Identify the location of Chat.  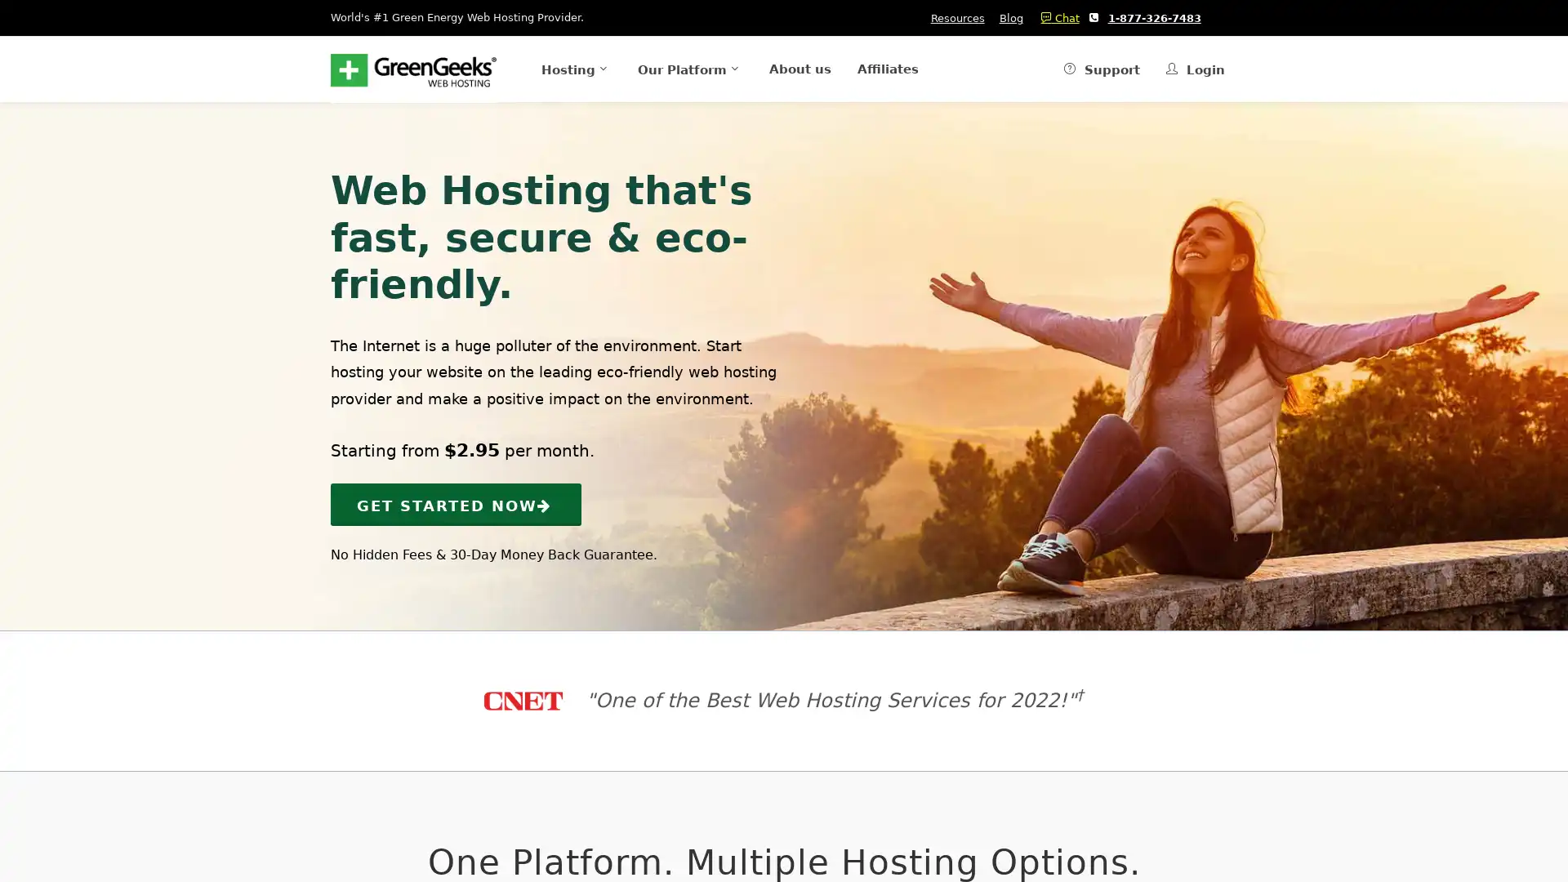
(1055, 18).